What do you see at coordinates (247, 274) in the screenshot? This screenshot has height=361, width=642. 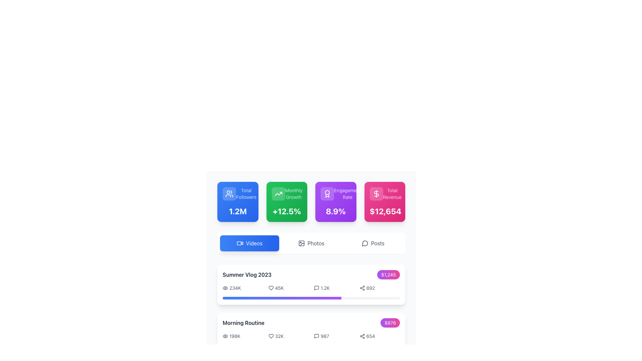 I see `the Text Label displaying 'Summer Vlog 2023', which is prominently styled in bold dark gray and located in the upper section of the second content panel` at bounding box center [247, 274].